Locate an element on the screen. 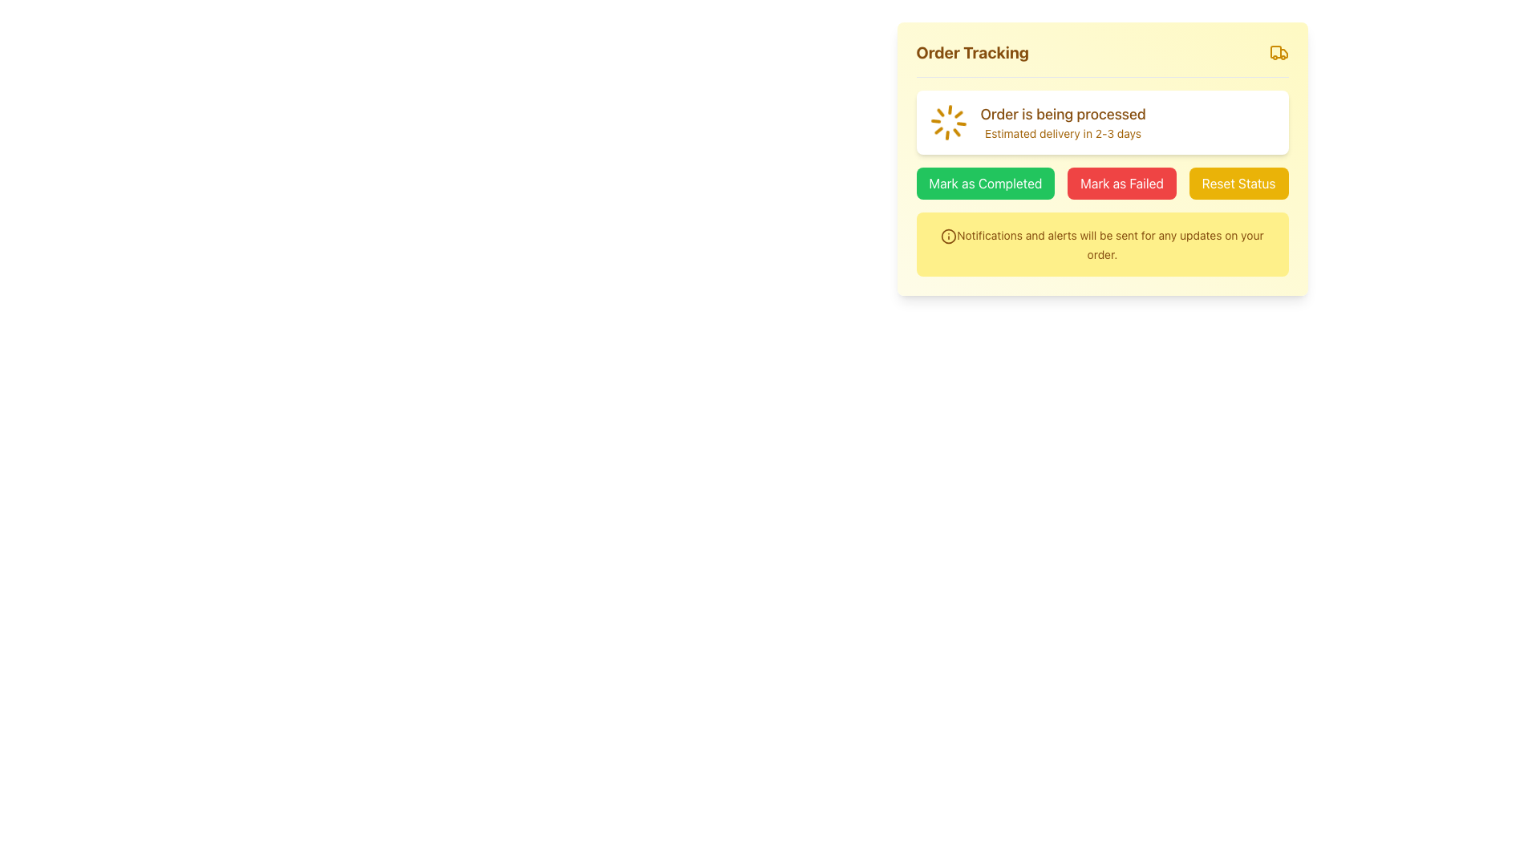 Image resolution: width=1540 pixels, height=866 pixels. the text label that reads 'Notifications and alerts will be sent for any updates on your order.' within the light yellow notification box located at the bottom of the 'Order Tracking' panel is located at coordinates (1109, 245).